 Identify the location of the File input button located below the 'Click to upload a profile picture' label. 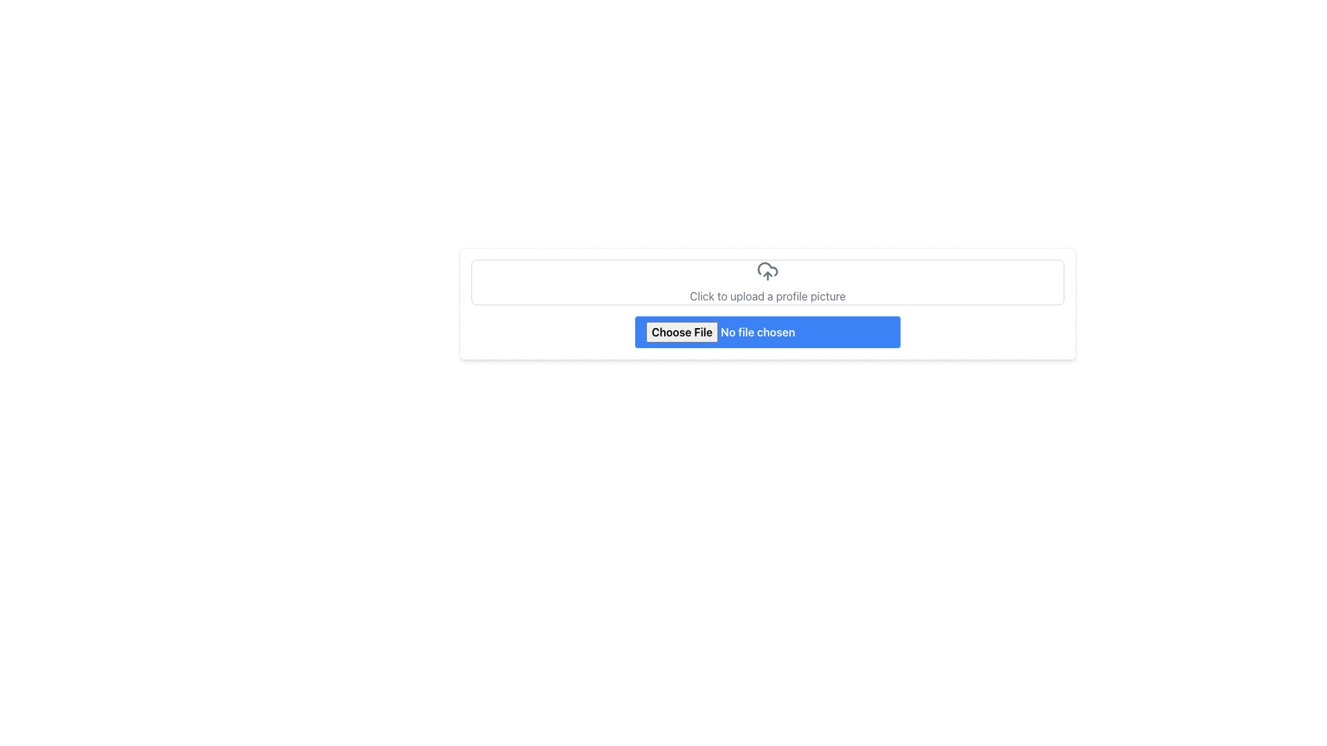
(766, 341).